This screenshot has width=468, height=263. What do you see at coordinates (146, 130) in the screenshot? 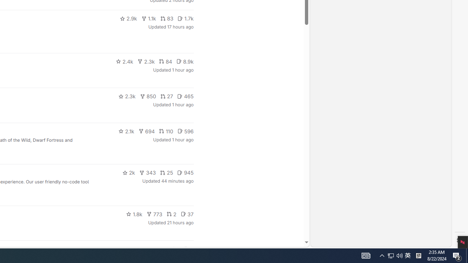
I see `'694'` at bounding box center [146, 130].